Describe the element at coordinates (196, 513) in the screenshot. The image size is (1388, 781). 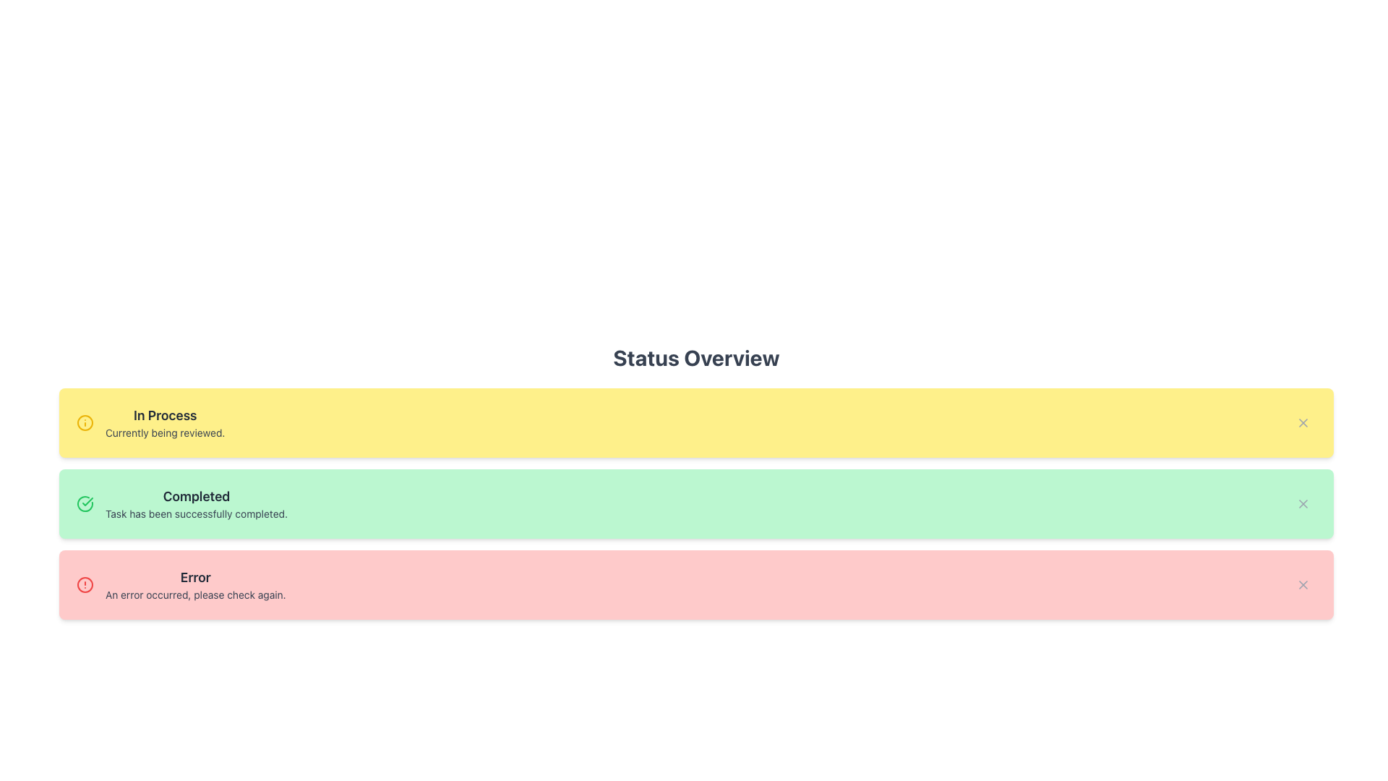
I see `informational text label located below the 'Completed' label in the status overview section` at that location.